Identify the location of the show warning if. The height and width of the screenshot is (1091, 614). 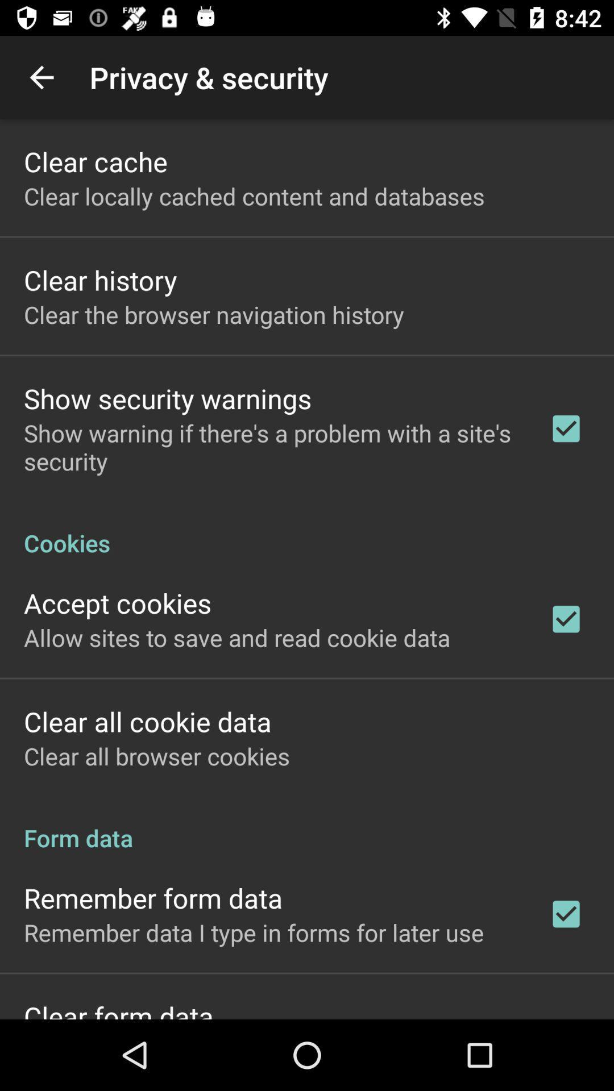
(271, 446).